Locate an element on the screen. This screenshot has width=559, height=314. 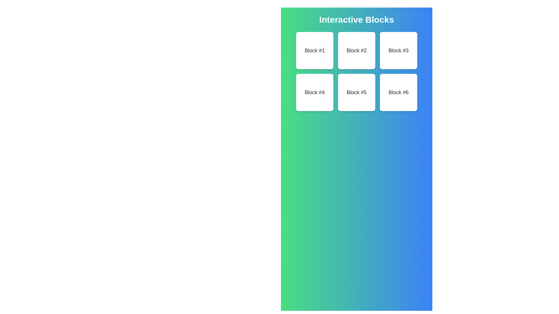
static text label that displays 'Block #2', which is centered within a white block with rounded corners and a subtle shadow is located at coordinates (356, 50).